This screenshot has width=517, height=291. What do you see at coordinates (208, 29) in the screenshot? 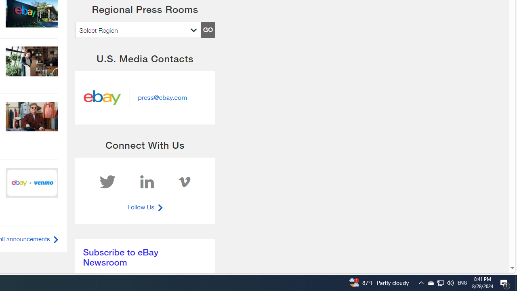
I see `'GO'` at bounding box center [208, 29].